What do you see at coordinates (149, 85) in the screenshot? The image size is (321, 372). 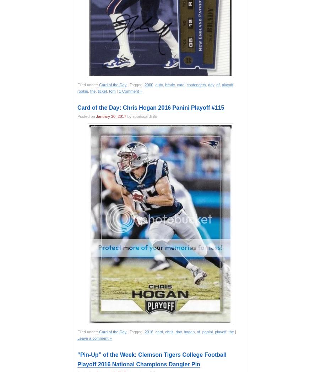 I see `'2000'` at bounding box center [149, 85].